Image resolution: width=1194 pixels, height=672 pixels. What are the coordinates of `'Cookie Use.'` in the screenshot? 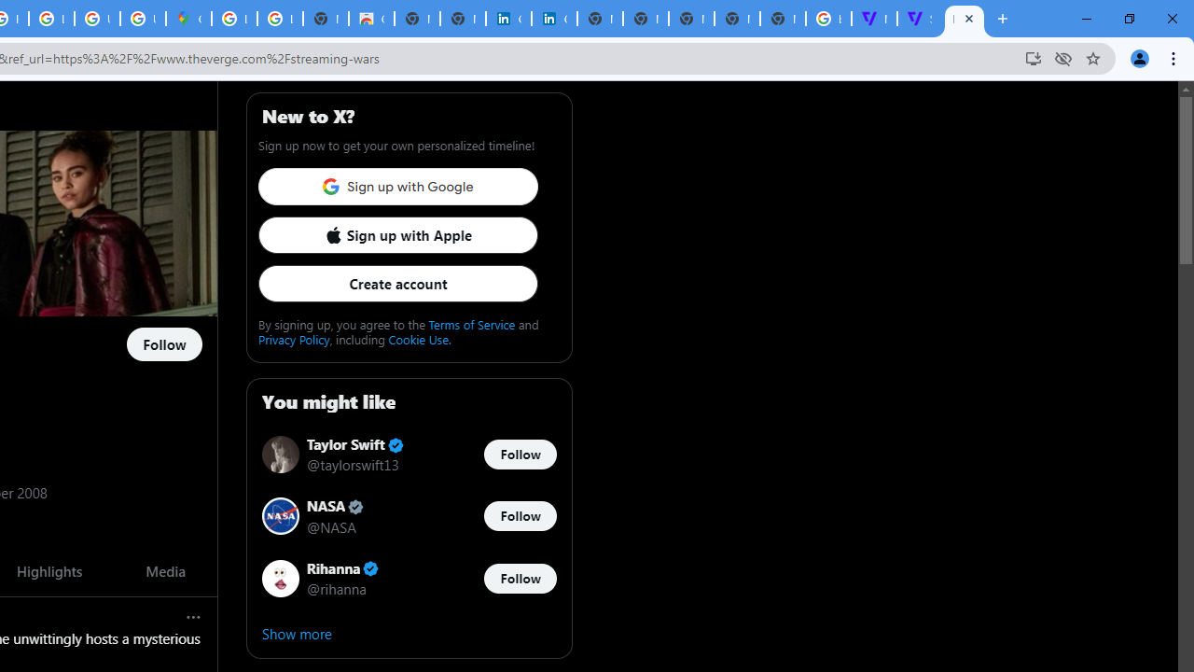 It's located at (418, 339).